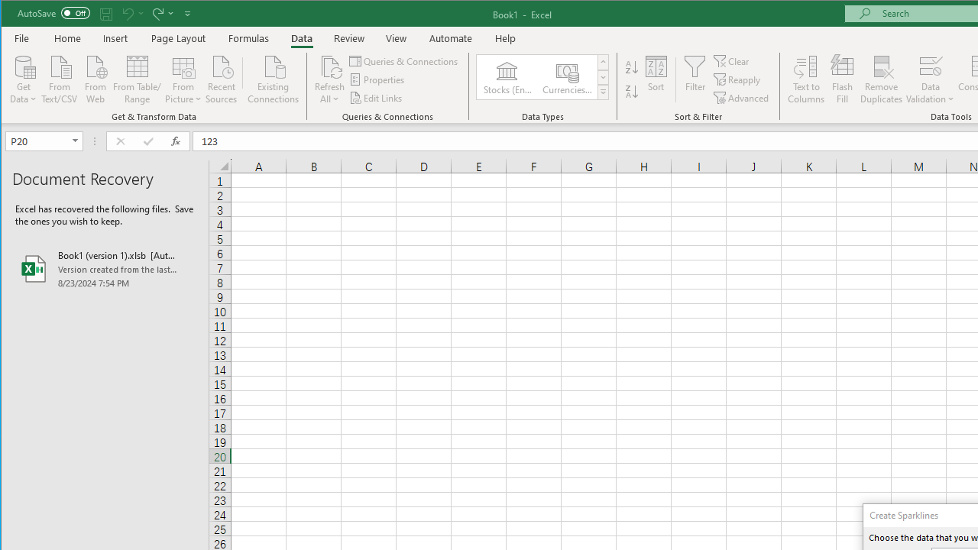 The width and height of the screenshot is (978, 550). Describe the element at coordinates (183, 78) in the screenshot. I see `'From Picture'` at that location.